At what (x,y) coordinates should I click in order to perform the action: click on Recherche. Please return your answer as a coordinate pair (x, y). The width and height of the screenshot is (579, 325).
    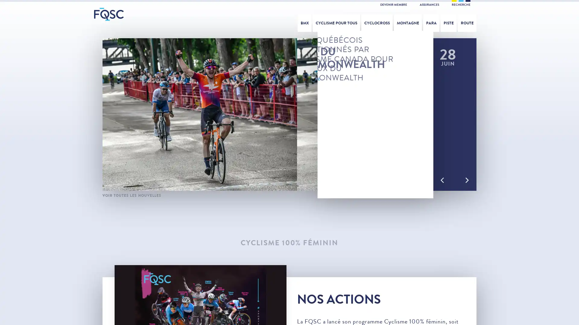
    Looking at the image, I should click on (507, 21).